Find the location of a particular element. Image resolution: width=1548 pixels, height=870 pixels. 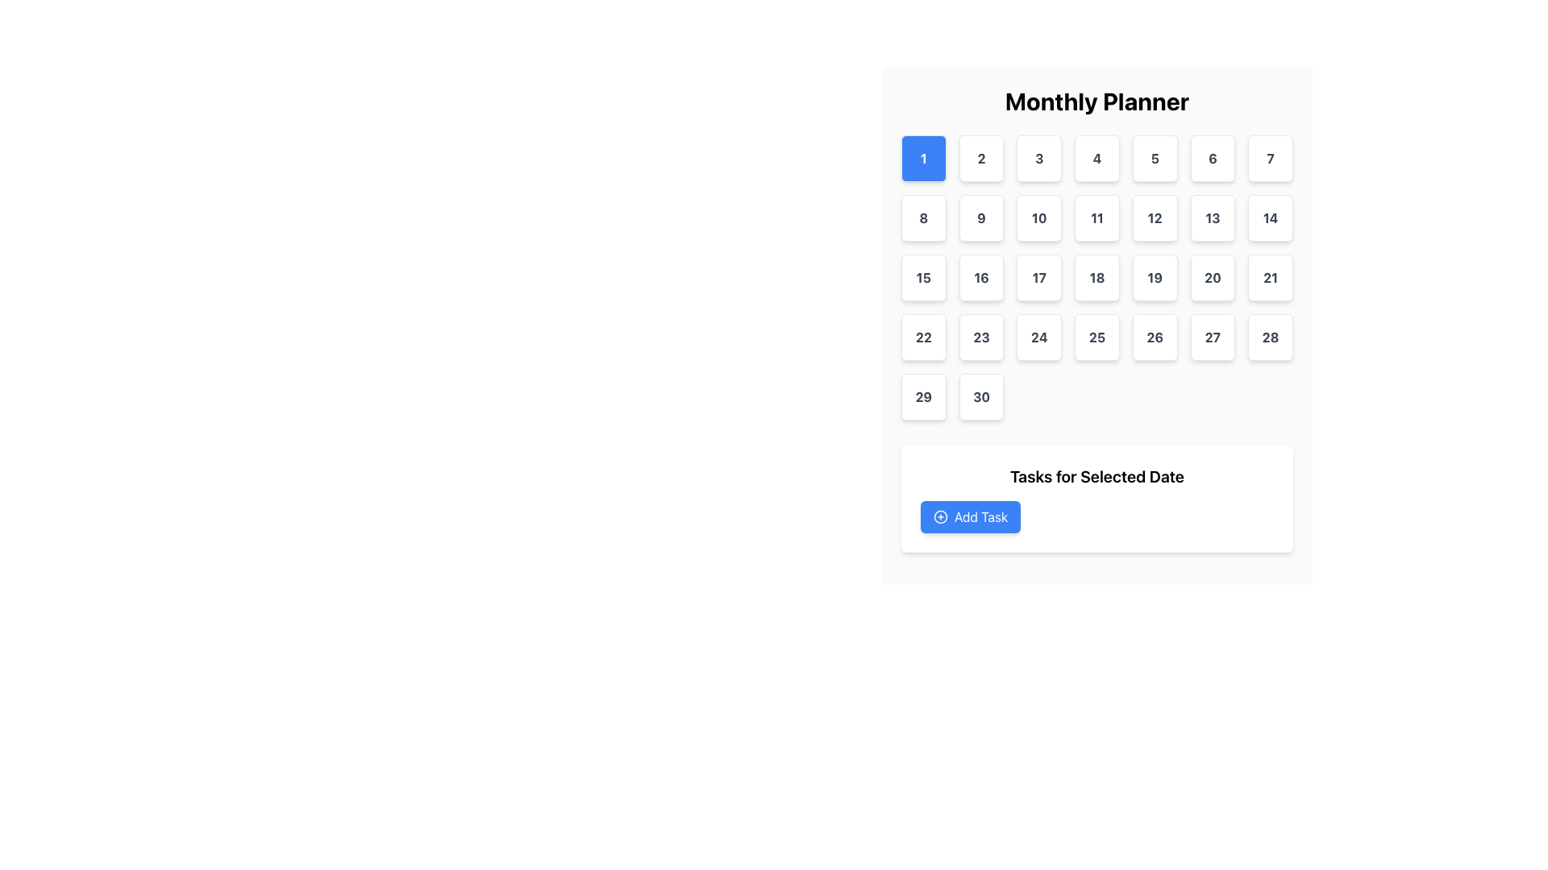

the 'plus' icon located at the center of the 'Add Task' button, which is positioned below the calendar grid and the 'Tasks for Selected Date' header is located at coordinates (940, 516).